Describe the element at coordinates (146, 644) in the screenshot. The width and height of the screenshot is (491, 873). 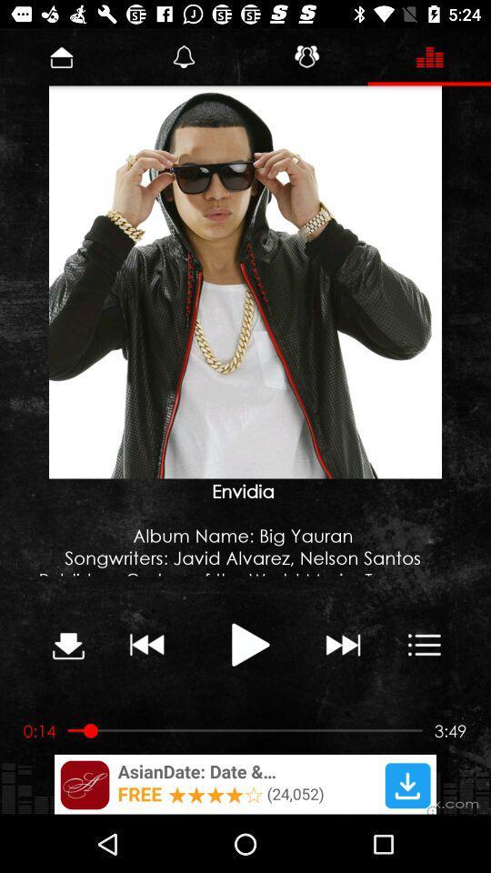
I see `the av_rewind icon` at that location.